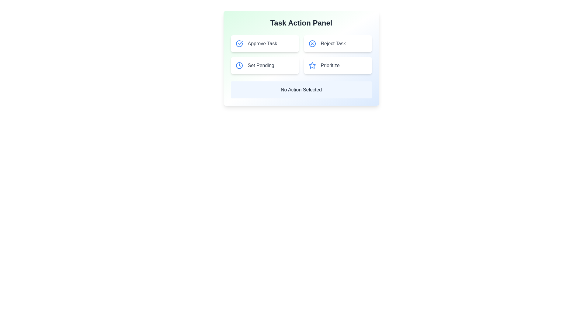 This screenshot has height=328, width=584. I want to click on 'Prioritize' label located within the third button of the 'Task Action Panel', positioned towards the right side of the grid layout, so click(330, 66).